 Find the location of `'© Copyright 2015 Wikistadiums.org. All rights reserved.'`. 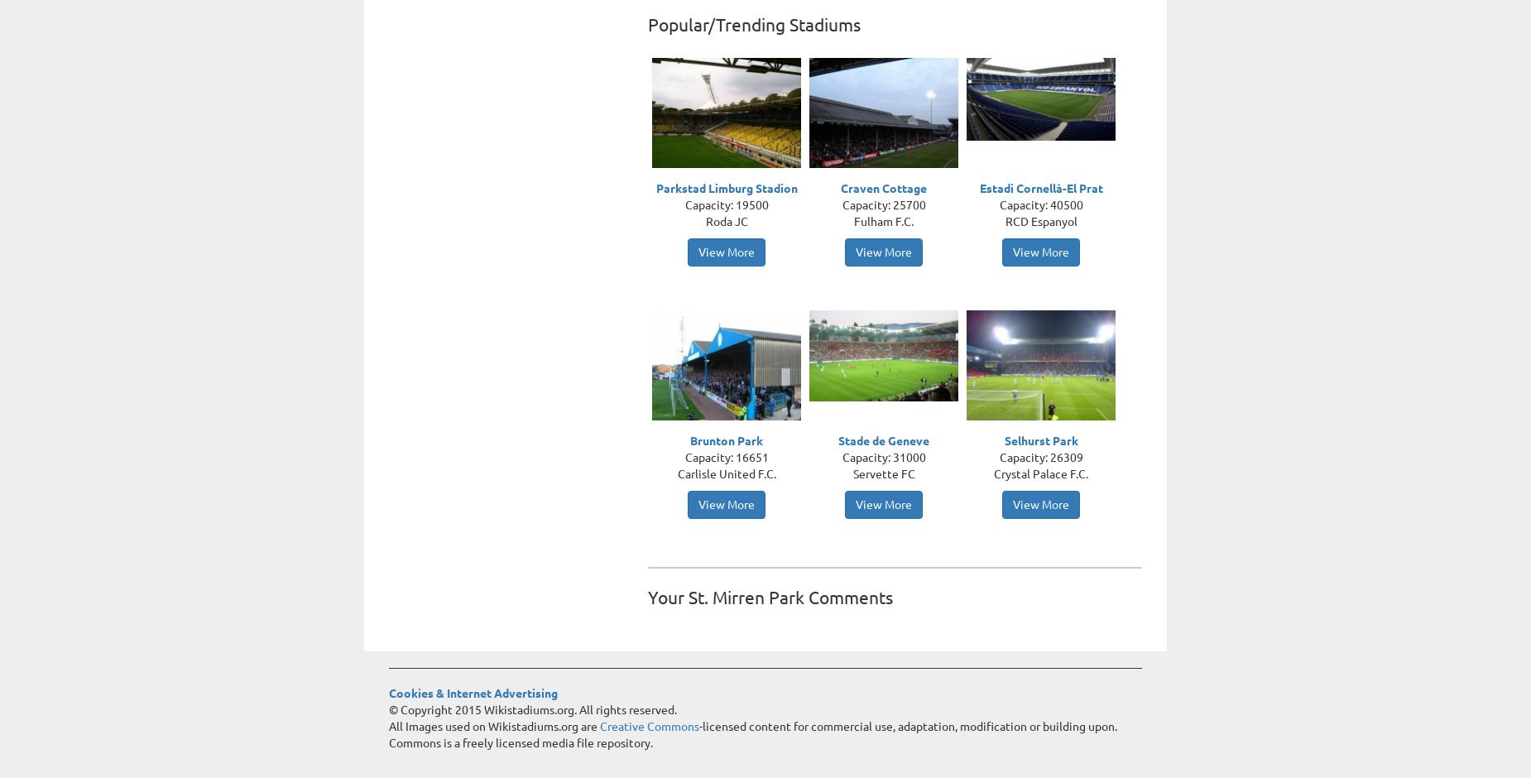

'© Copyright 2015 Wikistadiums.org. All rights reserved.' is located at coordinates (389, 709).